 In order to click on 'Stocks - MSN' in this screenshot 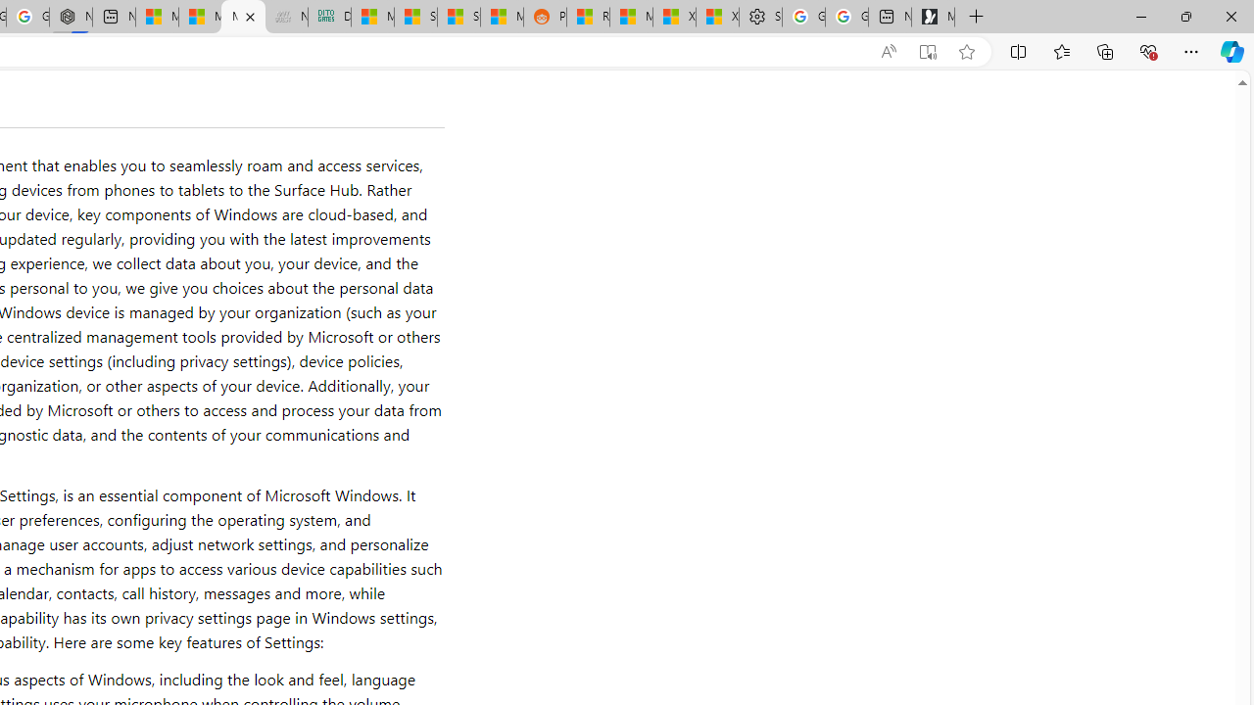, I will do `click(458, 17)`.